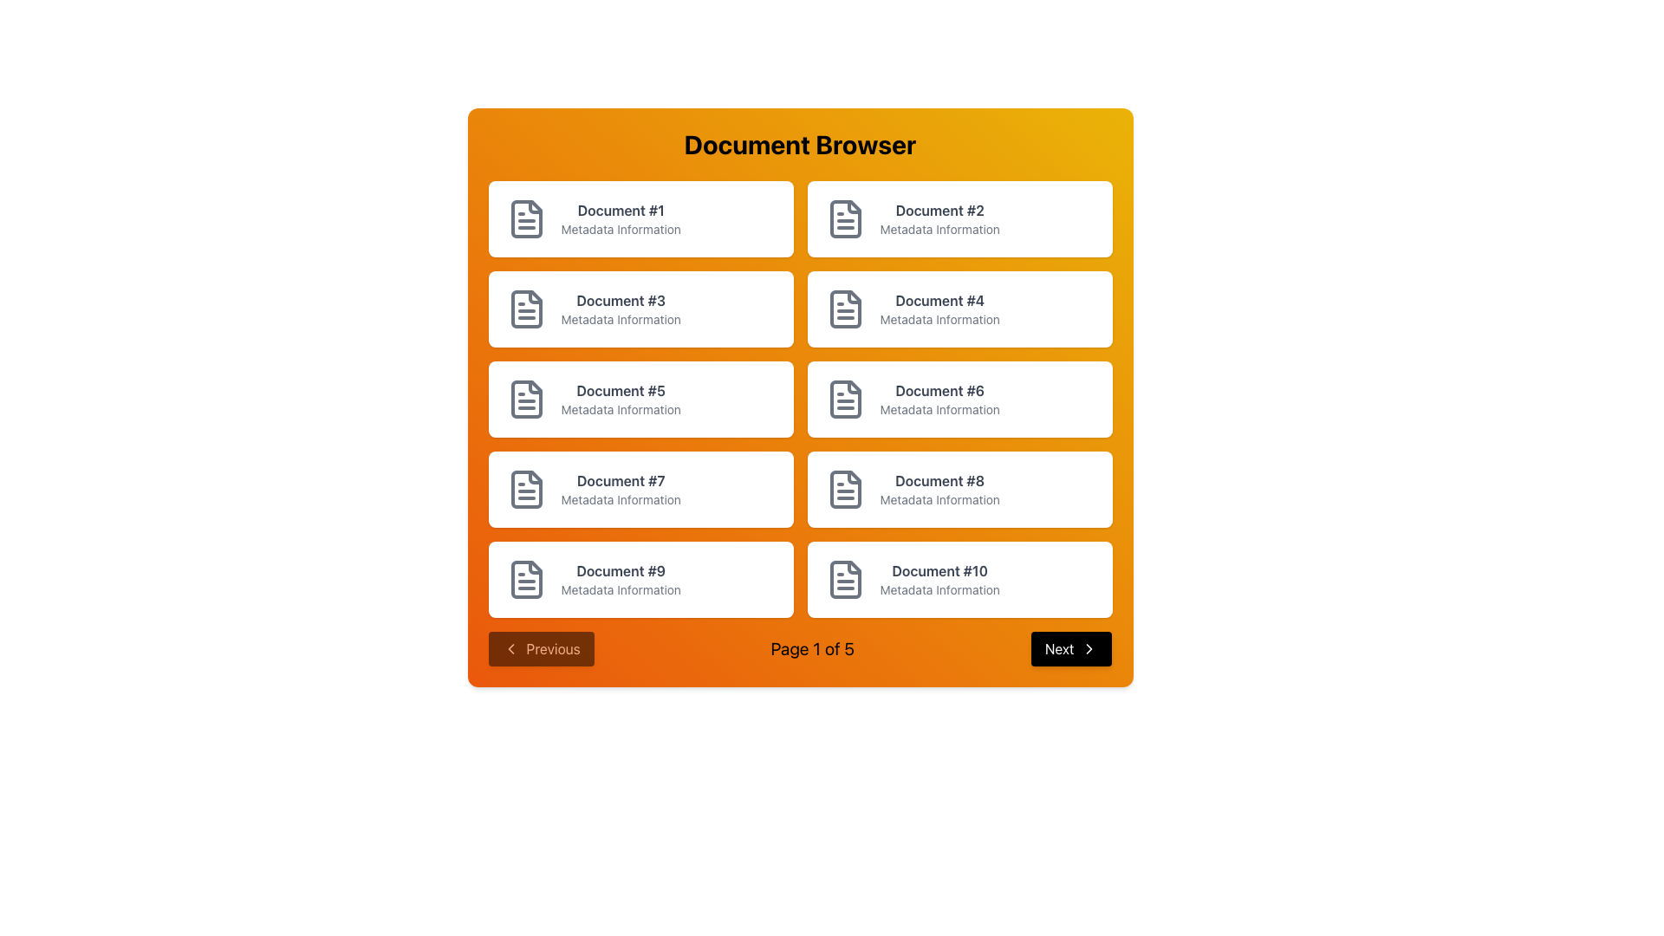  I want to click on the text label 'Metadata Information' which is styled with a small gray font and positioned below 'Document #2' in the second card of the right column within a document browser interface, so click(939, 229).